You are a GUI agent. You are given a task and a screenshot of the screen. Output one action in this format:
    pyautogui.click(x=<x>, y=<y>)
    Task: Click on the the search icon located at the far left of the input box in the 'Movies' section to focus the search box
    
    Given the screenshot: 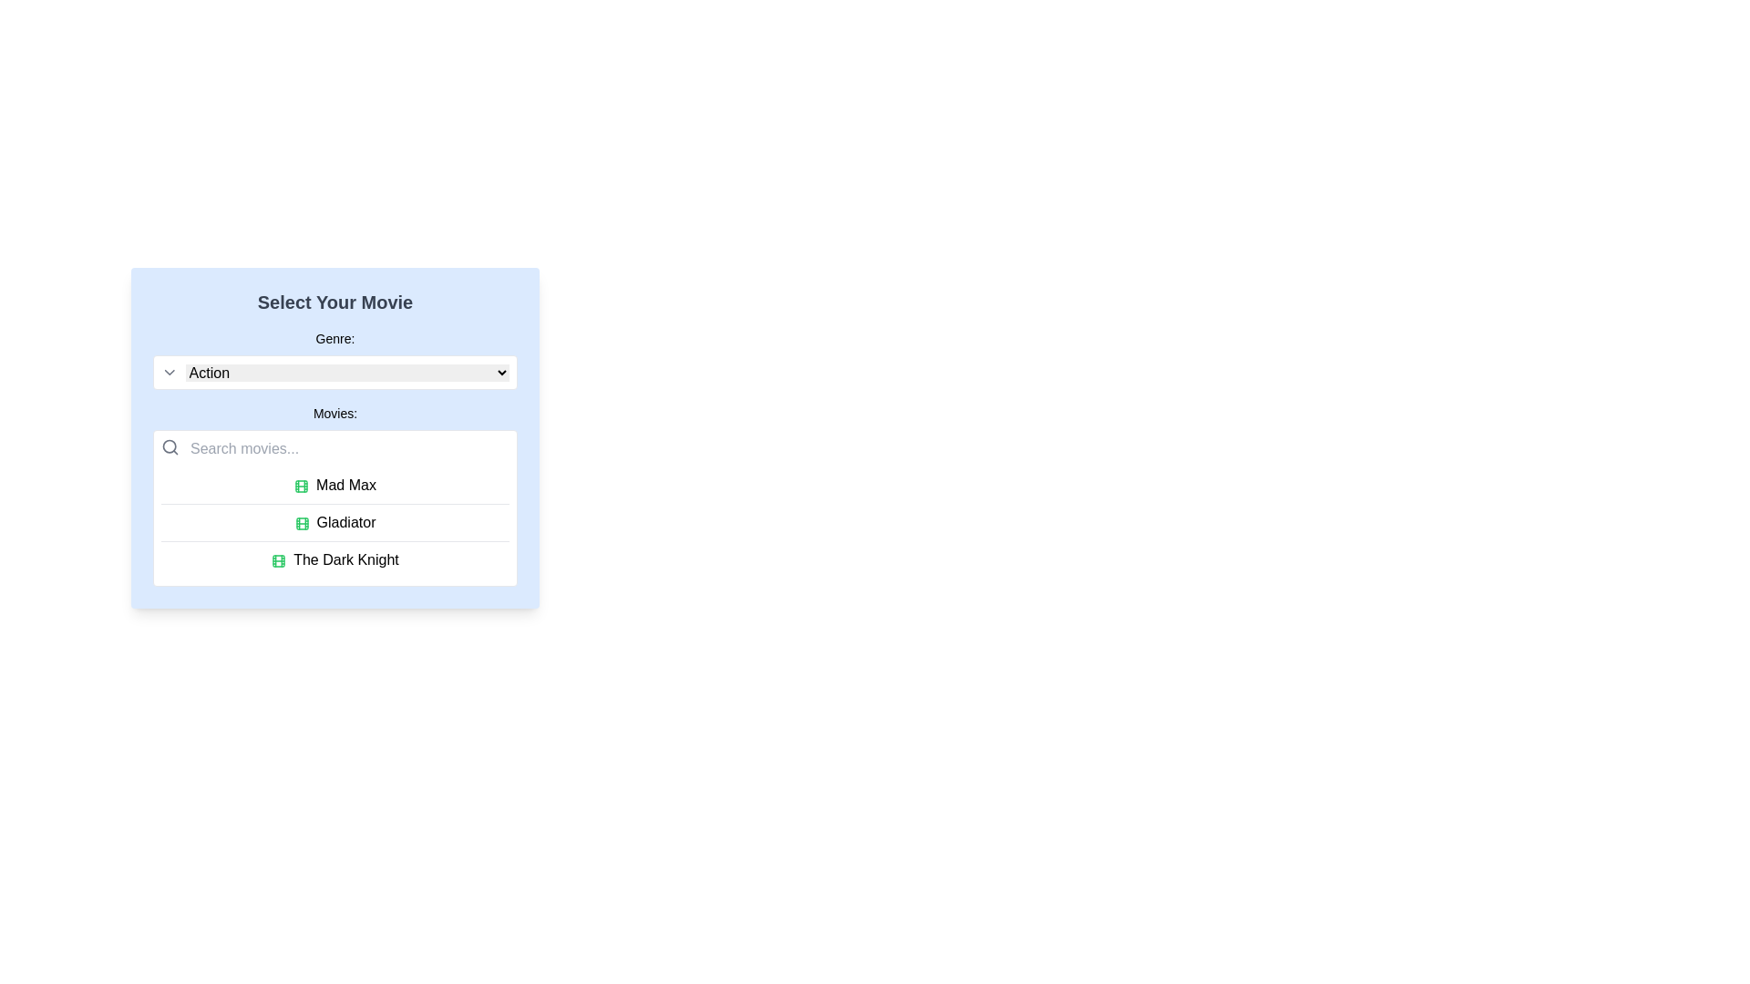 What is the action you would take?
    pyautogui.click(x=170, y=446)
    